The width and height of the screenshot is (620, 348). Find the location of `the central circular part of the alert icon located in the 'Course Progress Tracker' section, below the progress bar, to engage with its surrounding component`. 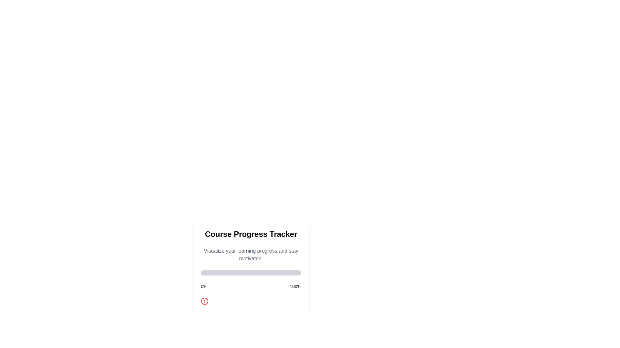

the central circular part of the alert icon located in the 'Course Progress Tracker' section, below the progress bar, to engage with its surrounding component is located at coordinates (204, 301).